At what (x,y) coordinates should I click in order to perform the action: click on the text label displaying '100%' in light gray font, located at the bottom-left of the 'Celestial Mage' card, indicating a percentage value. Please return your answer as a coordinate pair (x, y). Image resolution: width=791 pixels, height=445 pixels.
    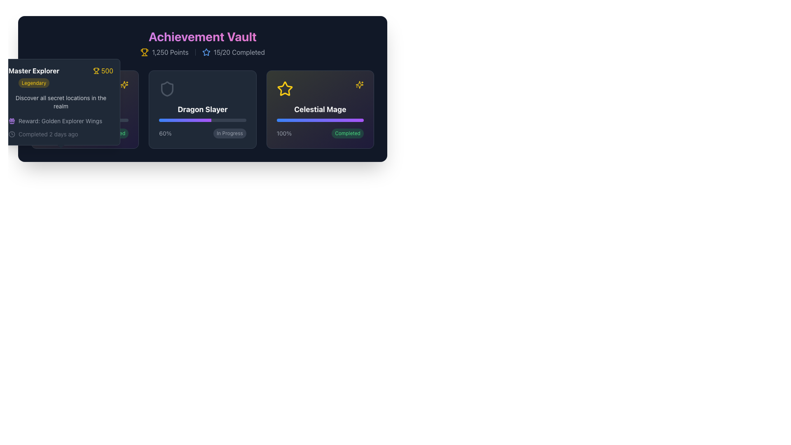
    Looking at the image, I should click on (284, 133).